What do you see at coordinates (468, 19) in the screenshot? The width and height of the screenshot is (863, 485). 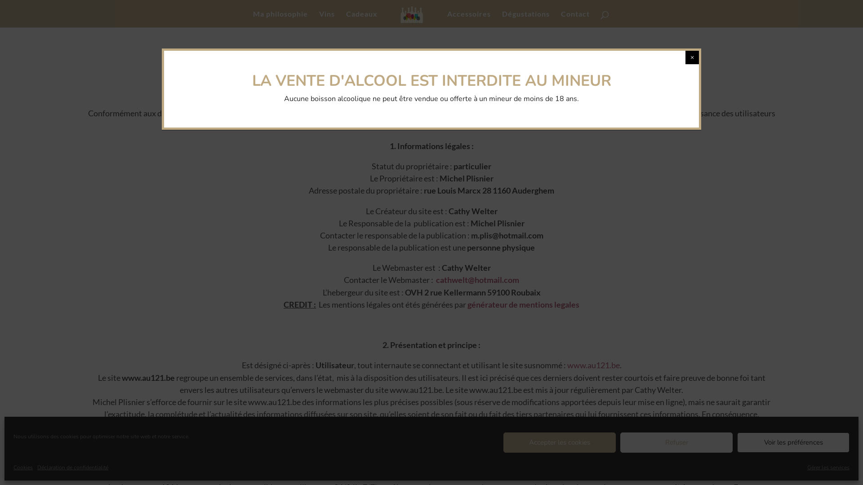 I see `'Accessoires'` at bounding box center [468, 19].